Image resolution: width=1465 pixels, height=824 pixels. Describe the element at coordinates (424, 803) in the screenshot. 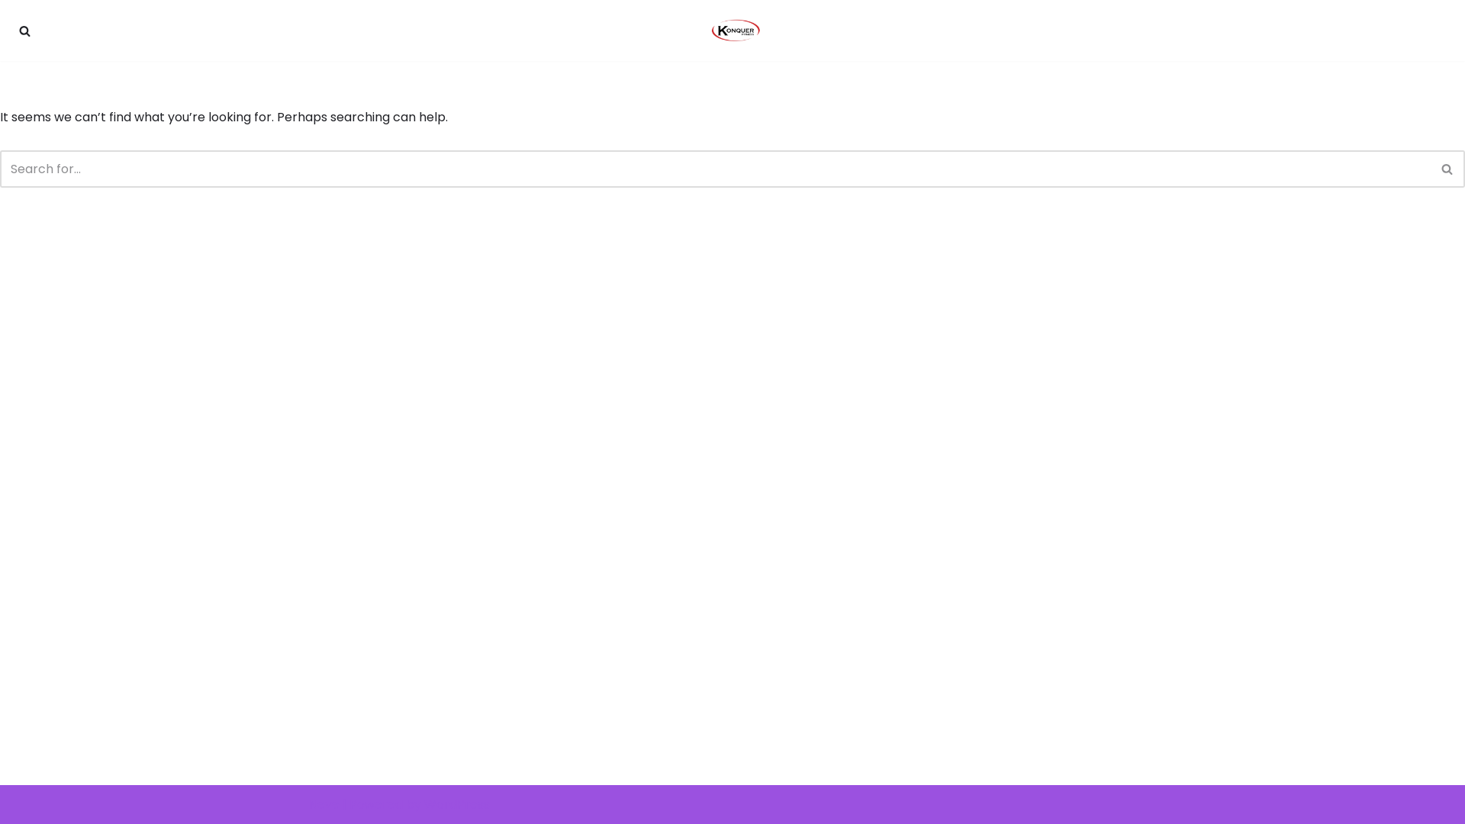

I see `'WordPress'` at that location.